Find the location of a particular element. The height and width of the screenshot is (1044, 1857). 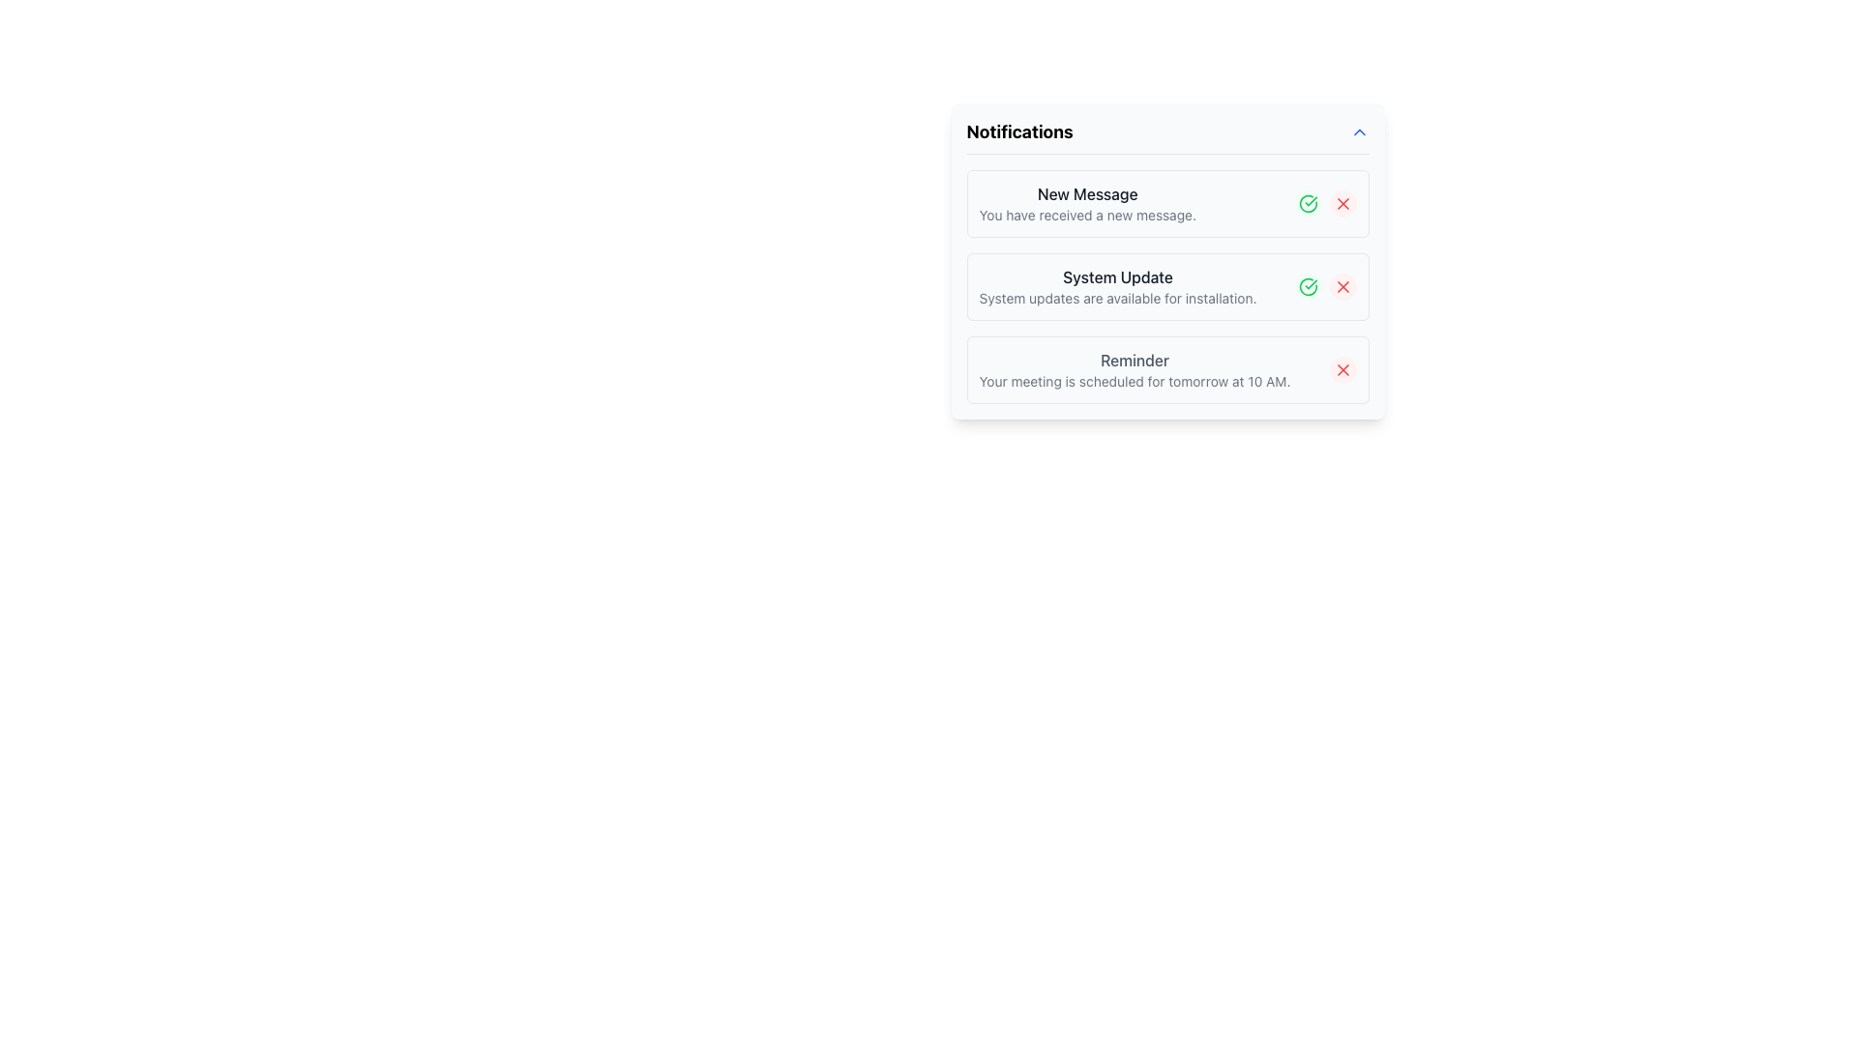

the dismiss button for the 'System Update' notification is located at coordinates (1341, 287).